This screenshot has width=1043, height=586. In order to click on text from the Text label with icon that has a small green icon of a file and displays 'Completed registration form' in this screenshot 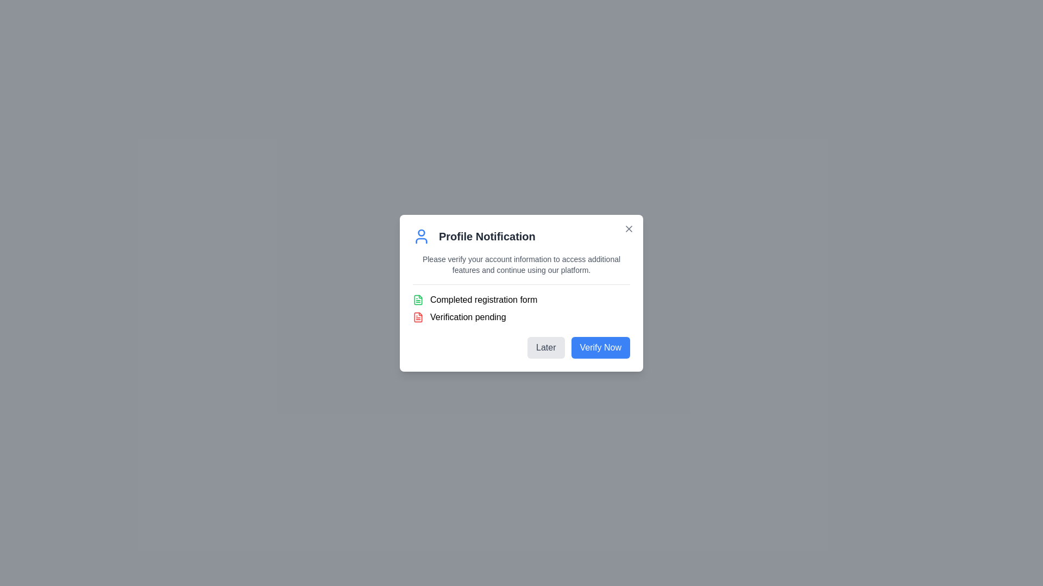, I will do `click(521, 299)`.